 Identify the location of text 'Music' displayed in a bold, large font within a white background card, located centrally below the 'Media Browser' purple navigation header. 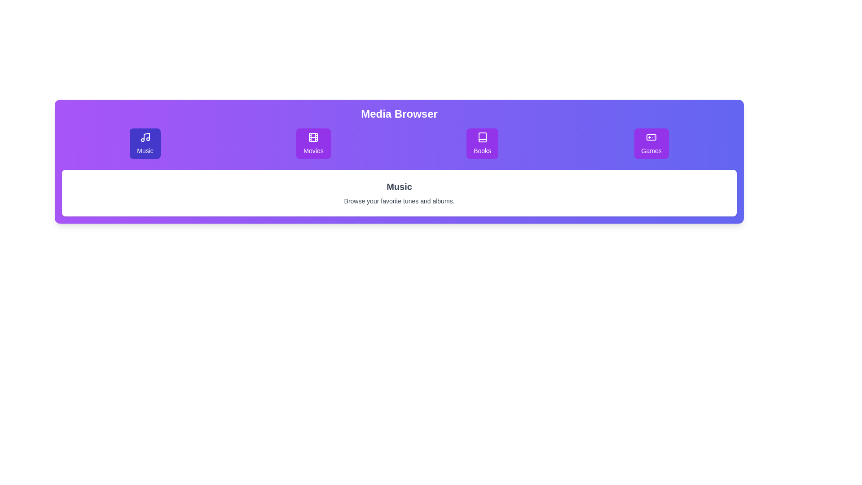
(399, 186).